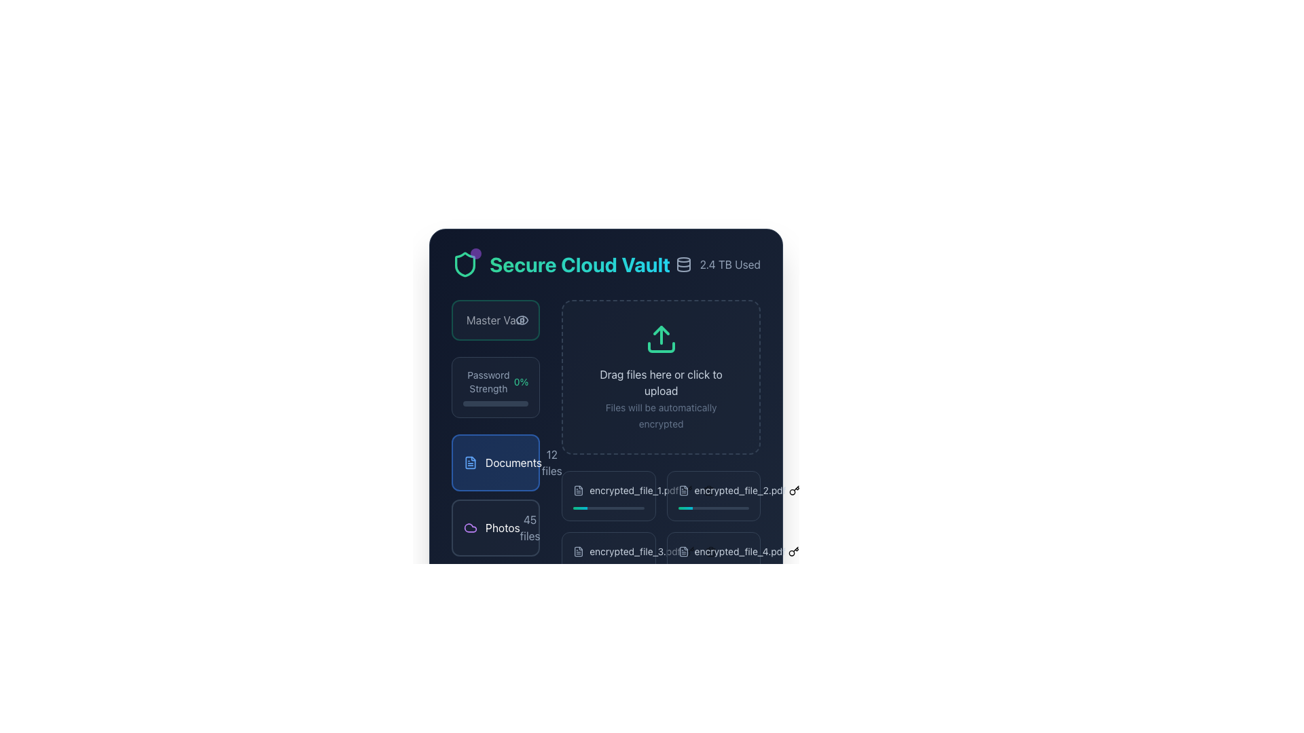 The height and width of the screenshot is (733, 1304). I want to click on the trash can icon located to the right of the file named 'encrypted_file_4.pdf', so click(710, 552).